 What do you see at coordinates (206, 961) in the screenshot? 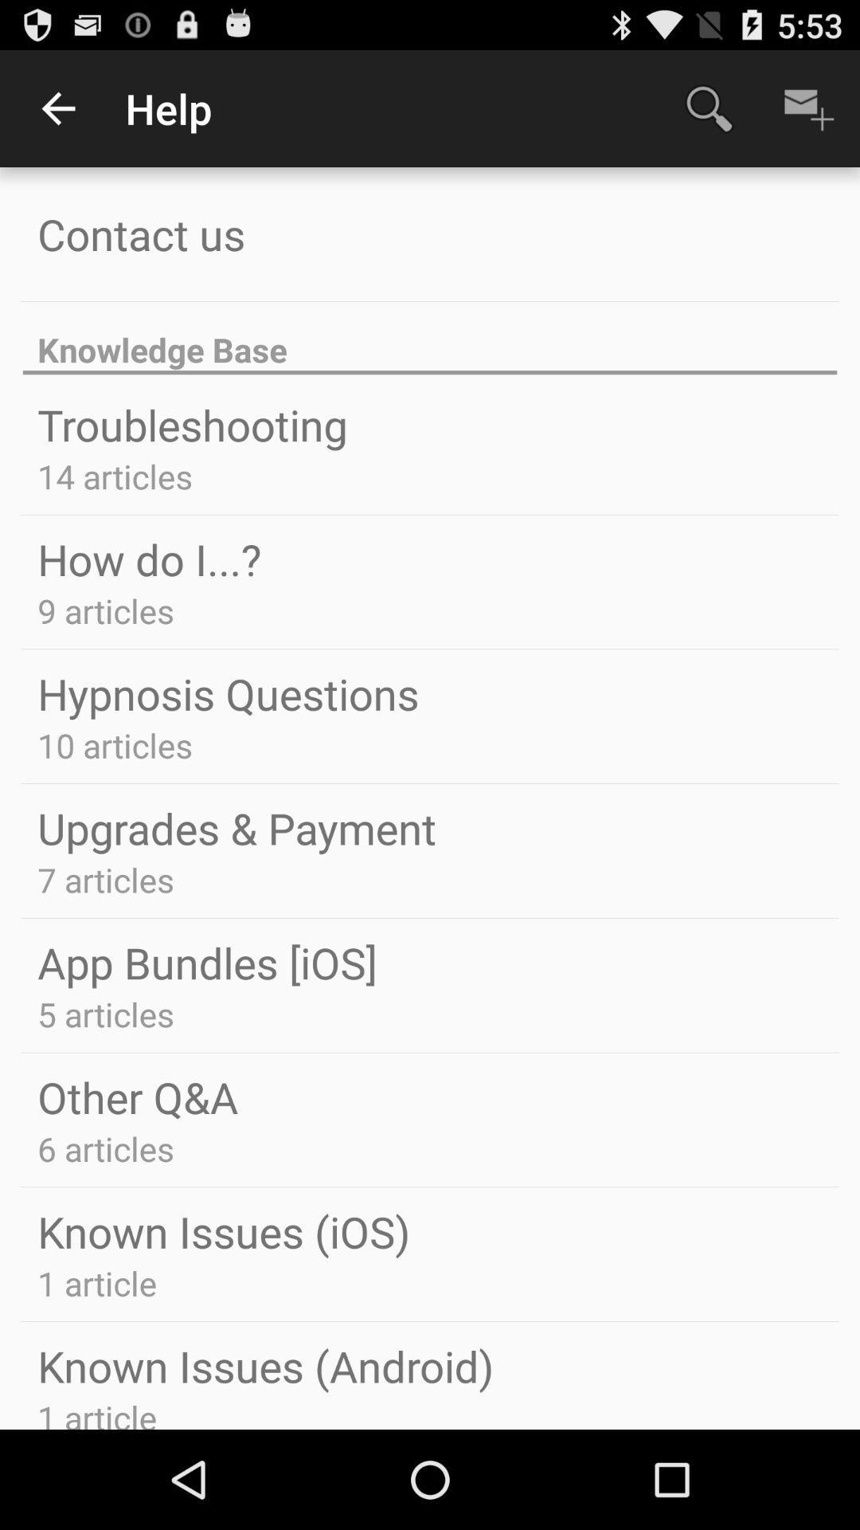
I see `app bundles [ios] icon` at bounding box center [206, 961].